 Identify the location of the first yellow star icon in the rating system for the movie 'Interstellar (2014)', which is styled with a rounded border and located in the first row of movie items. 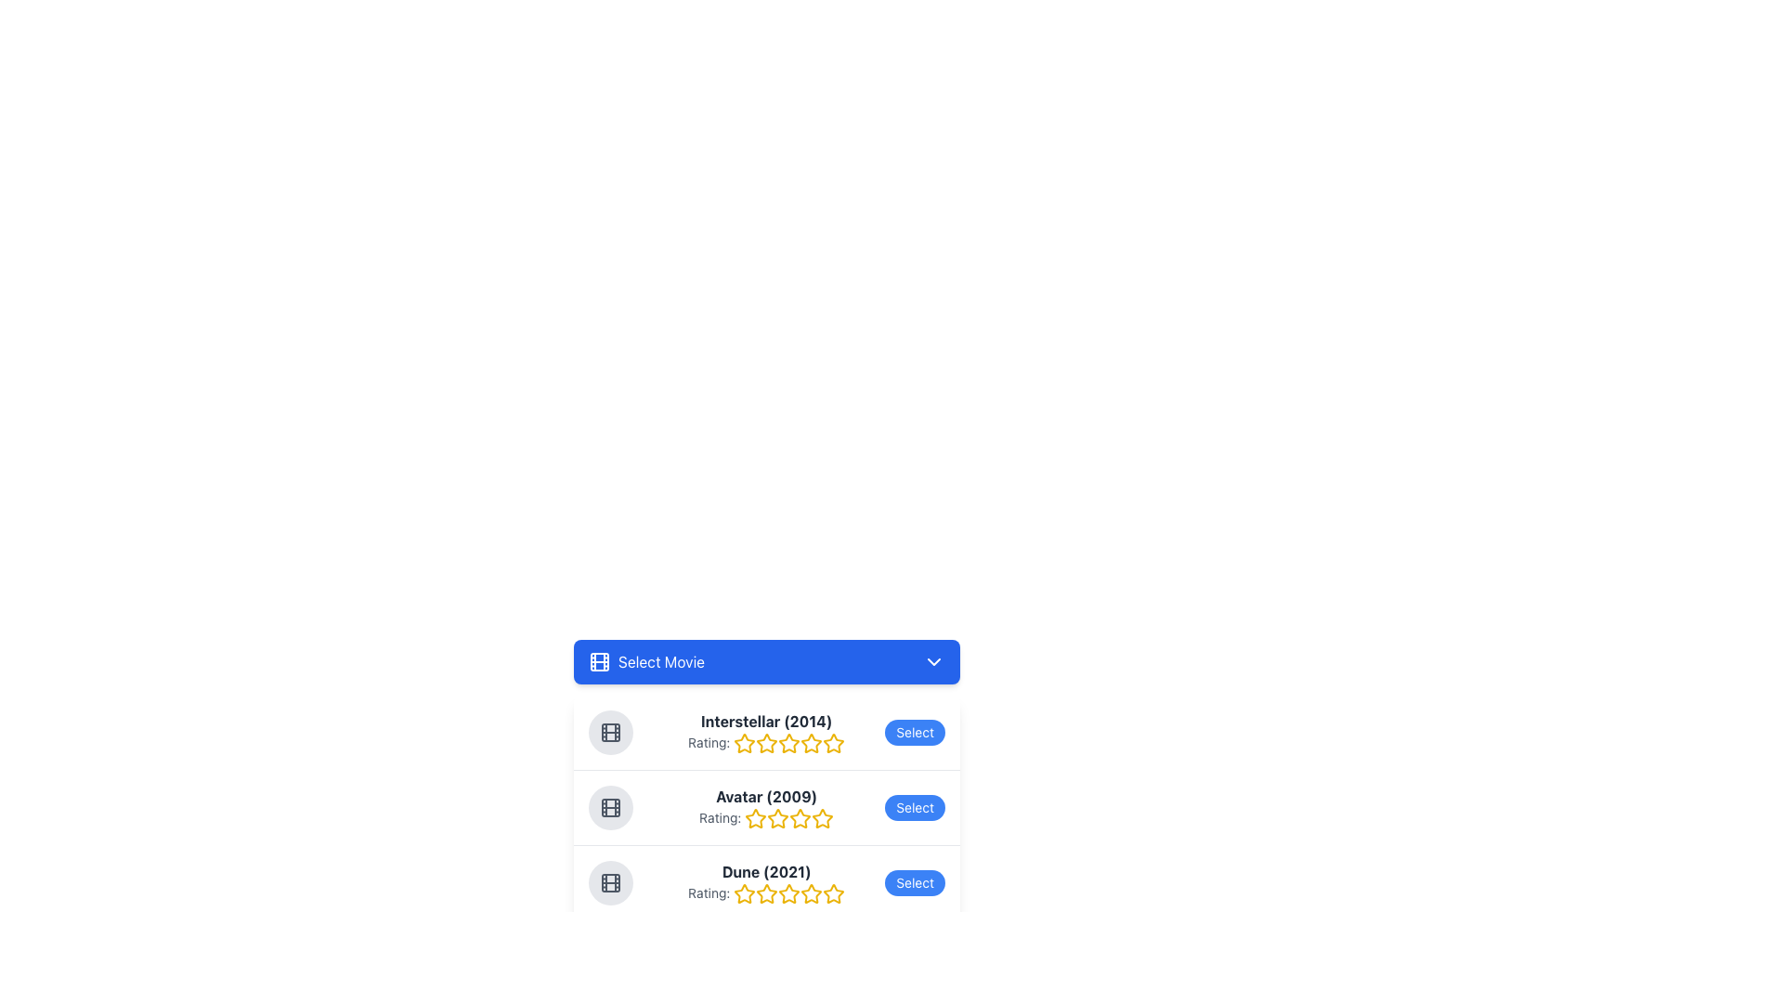
(745, 743).